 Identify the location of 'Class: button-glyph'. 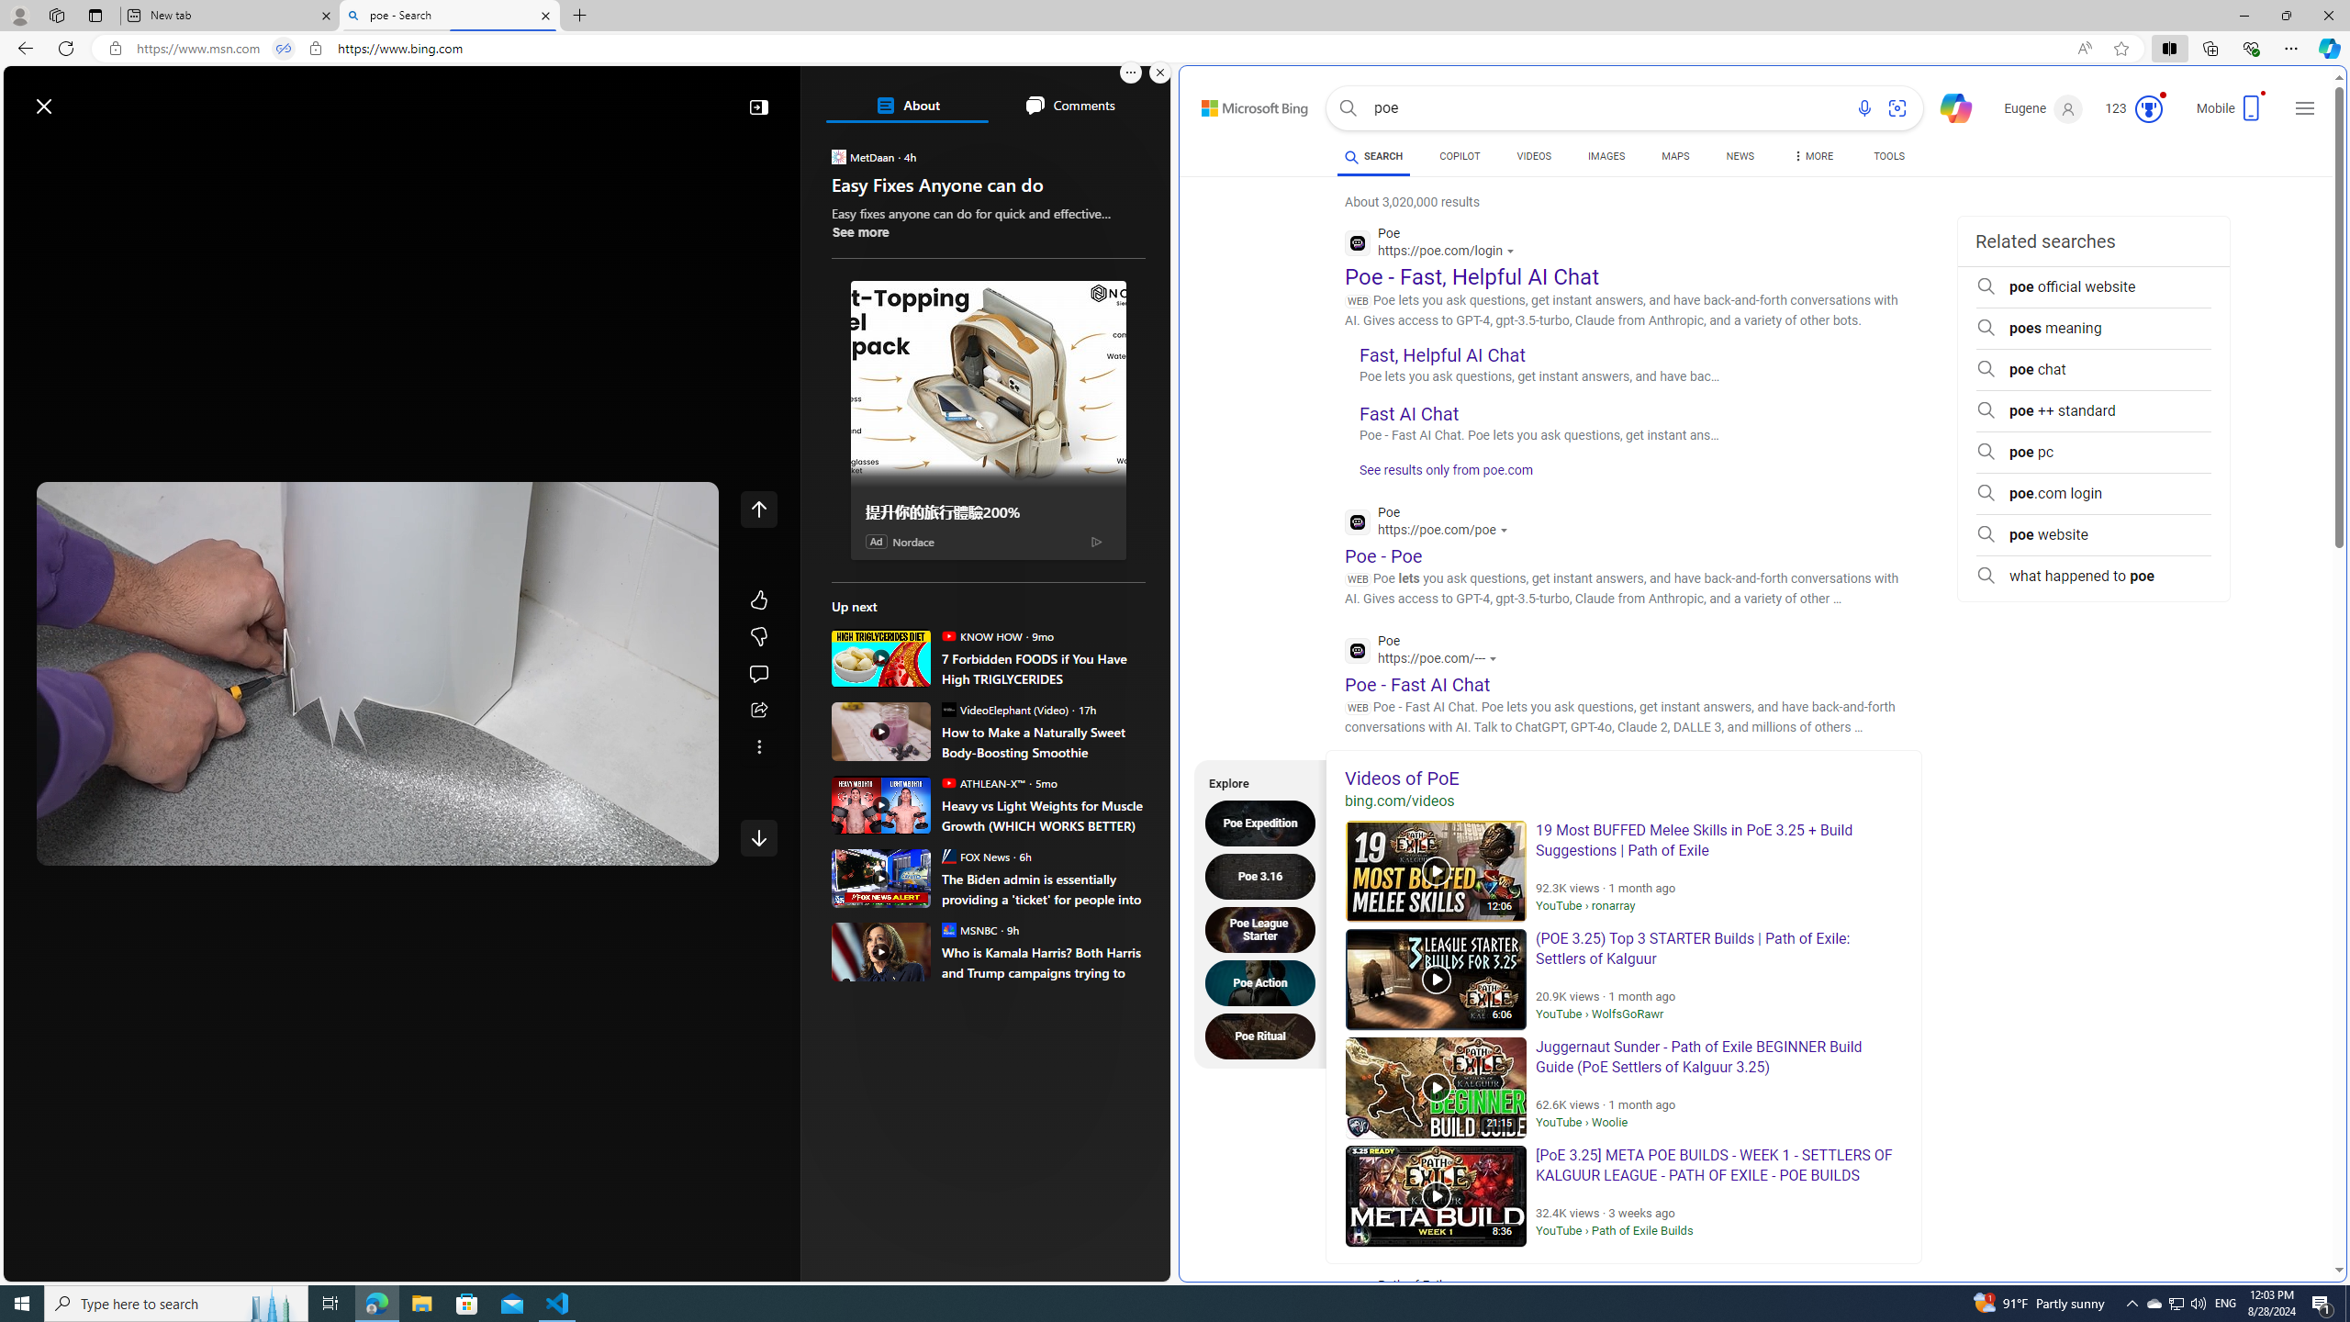
(26, 149).